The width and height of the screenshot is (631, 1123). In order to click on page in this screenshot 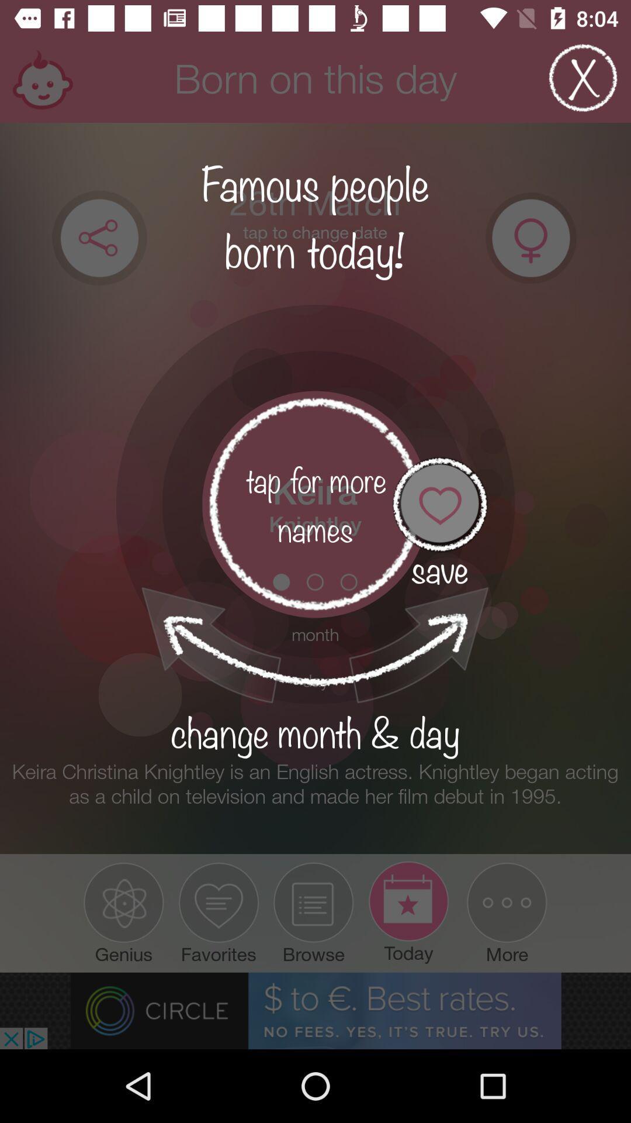, I will do `click(583, 77)`.